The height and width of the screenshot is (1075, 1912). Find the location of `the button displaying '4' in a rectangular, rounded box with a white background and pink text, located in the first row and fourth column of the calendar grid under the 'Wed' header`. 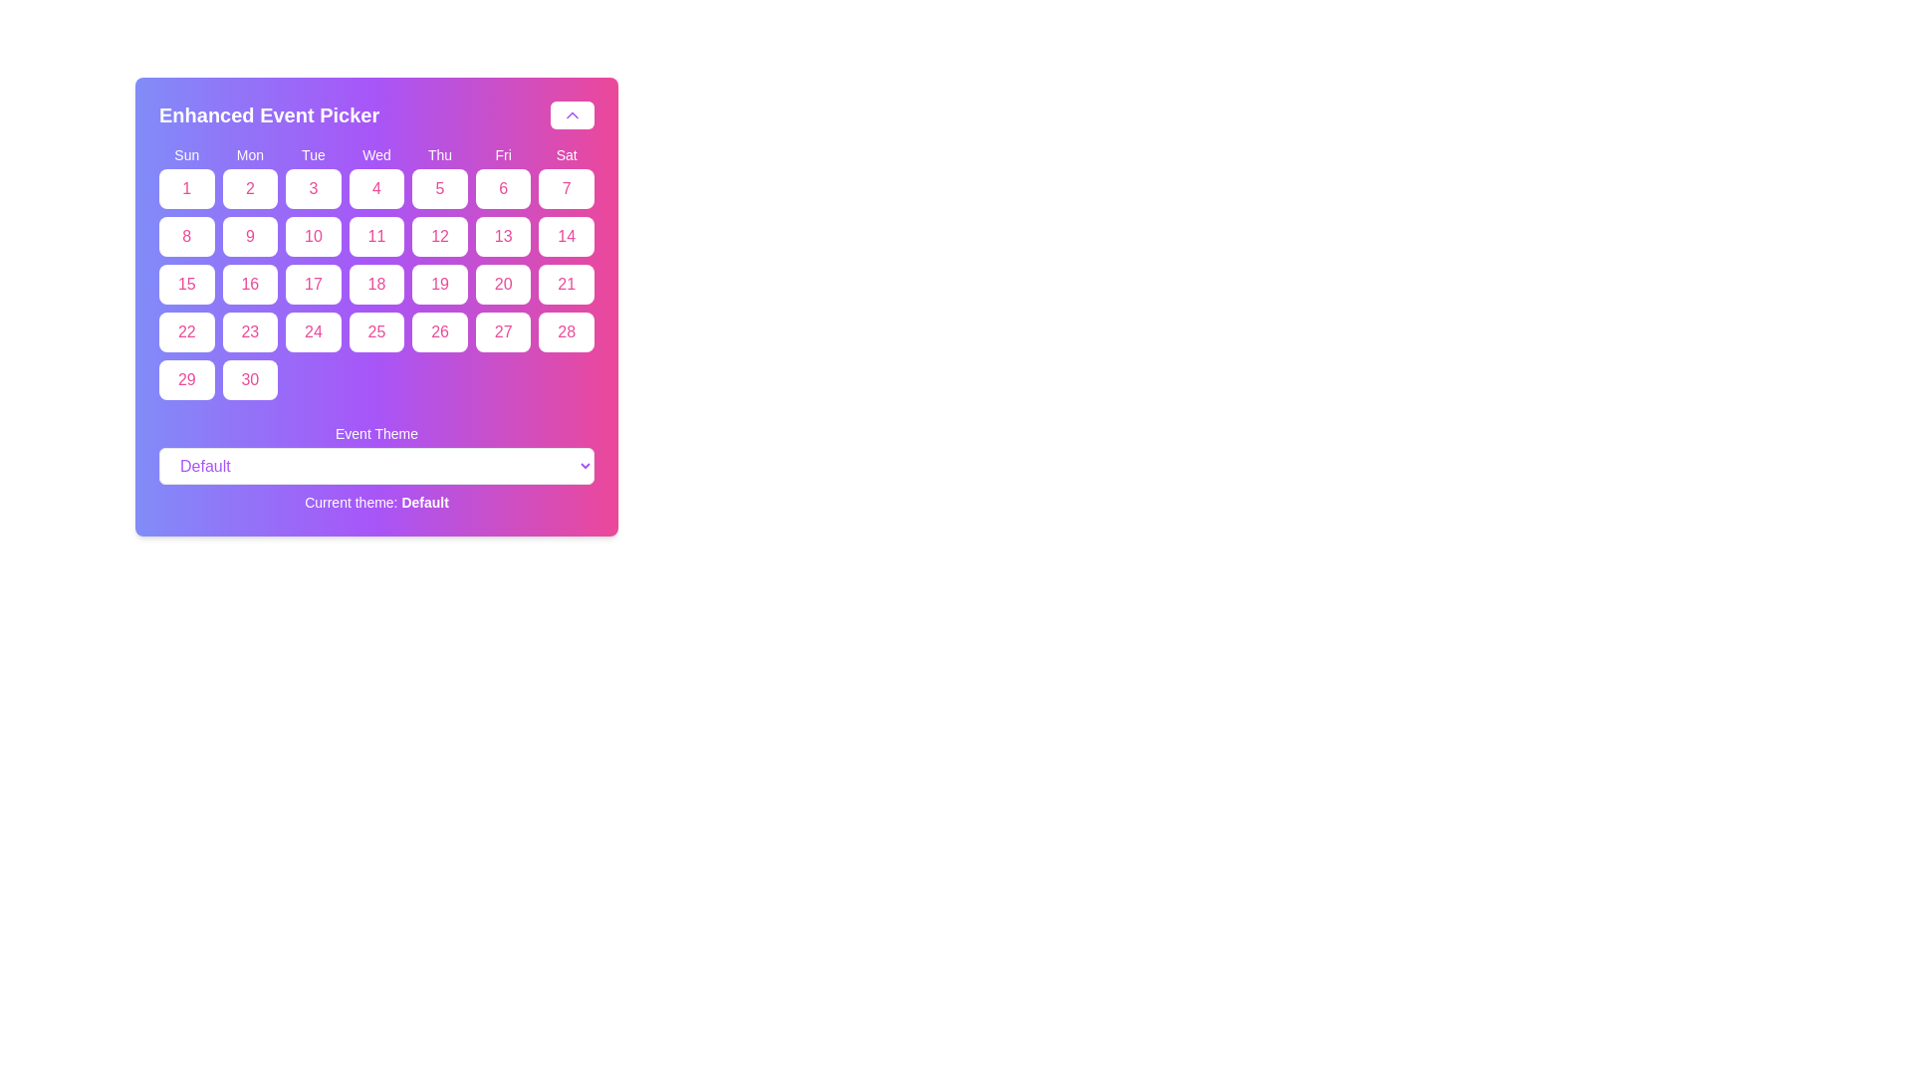

the button displaying '4' in a rectangular, rounded box with a white background and pink text, located in the first row and fourth column of the calendar grid under the 'Wed' header is located at coordinates (376, 188).